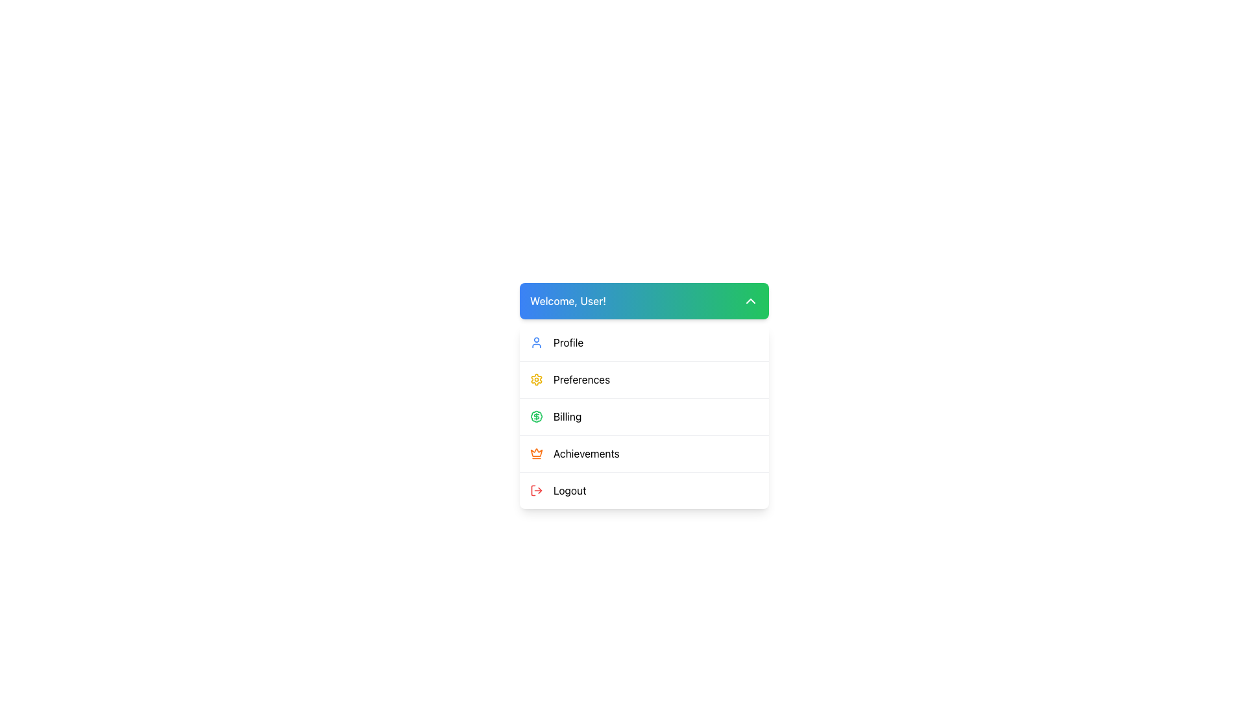  I want to click on the yellow gear icon associated with the 'Preferences' label located in the dropdown menu, so click(536, 380).